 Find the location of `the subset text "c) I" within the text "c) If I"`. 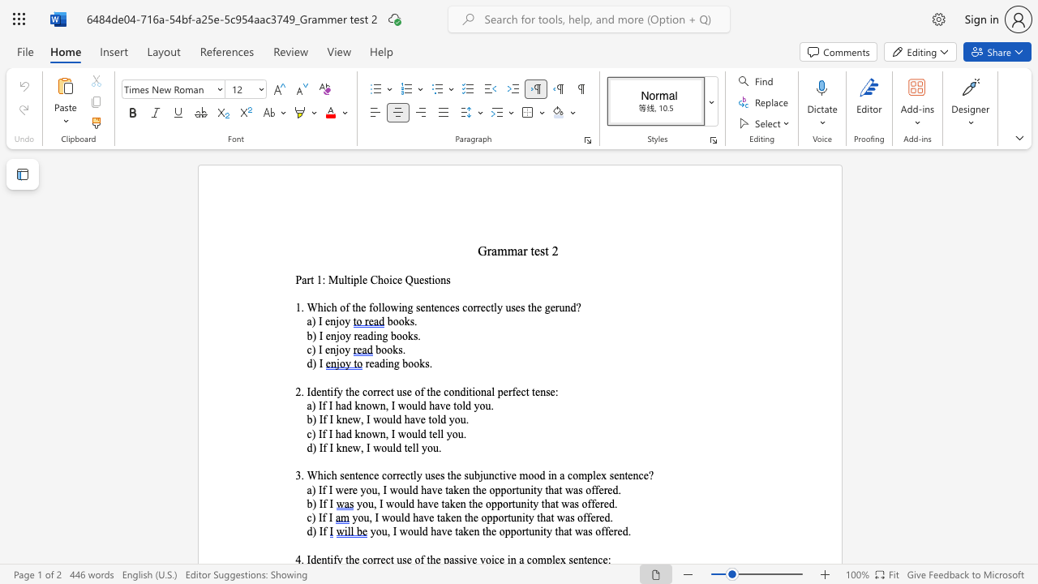

the subset text "c) I" within the text "c) If I" is located at coordinates (307, 517).